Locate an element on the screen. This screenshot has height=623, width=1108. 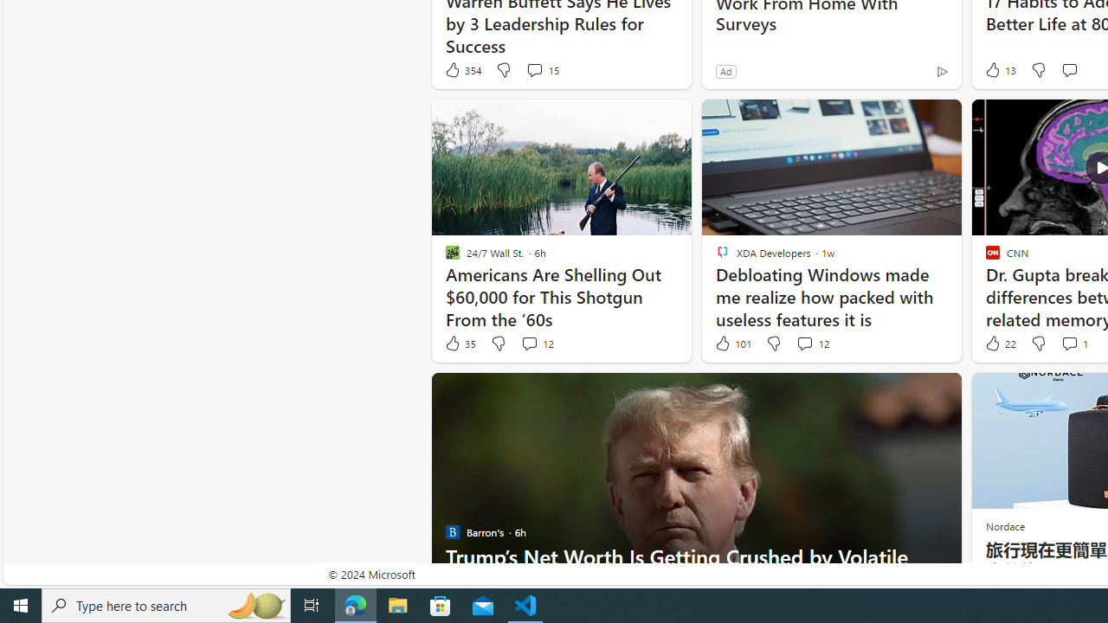
'View comments 15 Comment' is located at coordinates (541, 69).